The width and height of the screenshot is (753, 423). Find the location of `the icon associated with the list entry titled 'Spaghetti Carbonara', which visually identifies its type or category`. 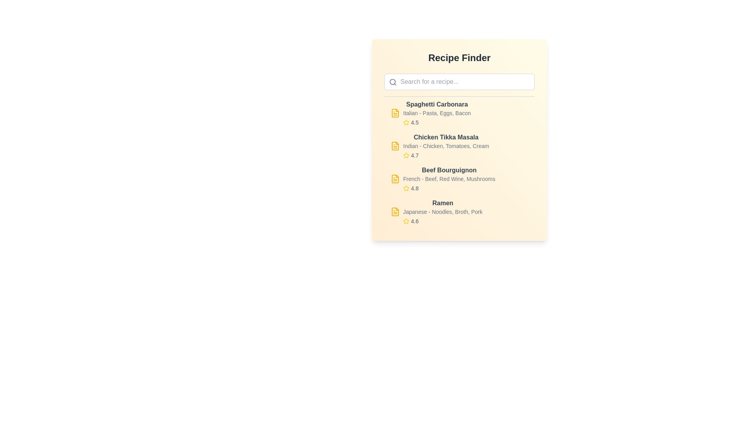

the icon associated with the list entry titled 'Spaghetti Carbonara', which visually identifies its type or category is located at coordinates (395, 113).